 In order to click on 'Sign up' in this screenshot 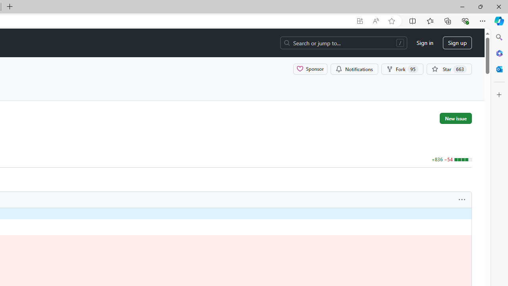, I will do `click(457, 43)`.